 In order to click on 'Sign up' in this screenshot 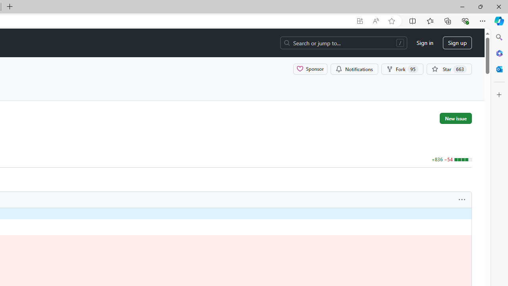, I will do `click(457, 43)`.